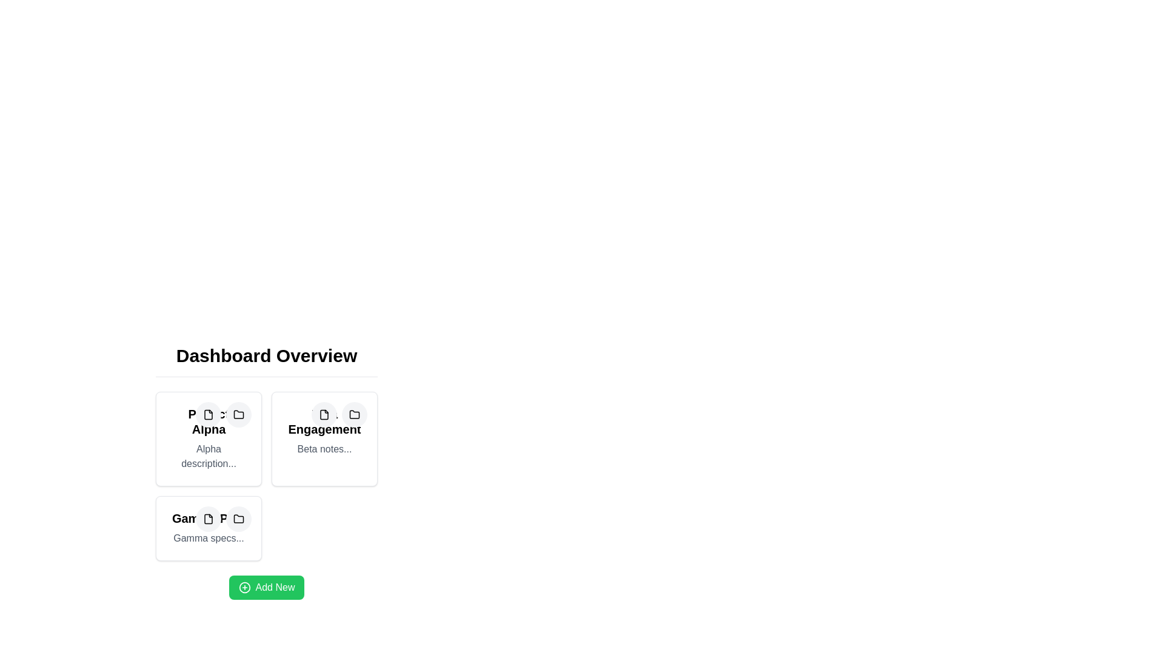 The width and height of the screenshot is (1164, 655). Describe the element at coordinates (209, 414) in the screenshot. I see `the 'File' icon located in the top-left corner of the 'Alpha' section under 'Dashboard Overview'` at that location.